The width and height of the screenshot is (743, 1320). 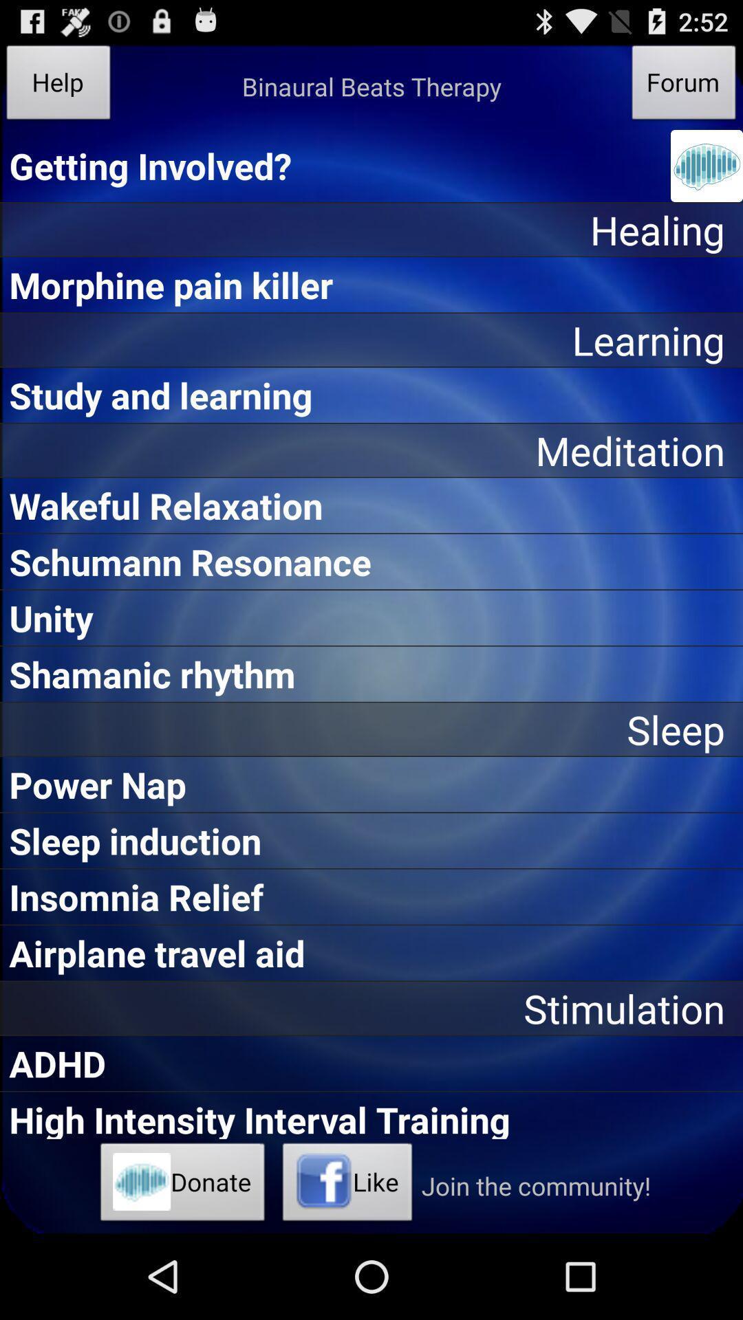 What do you see at coordinates (684, 85) in the screenshot?
I see `the icon to the right of the binaural beats therapy` at bounding box center [684, 85].